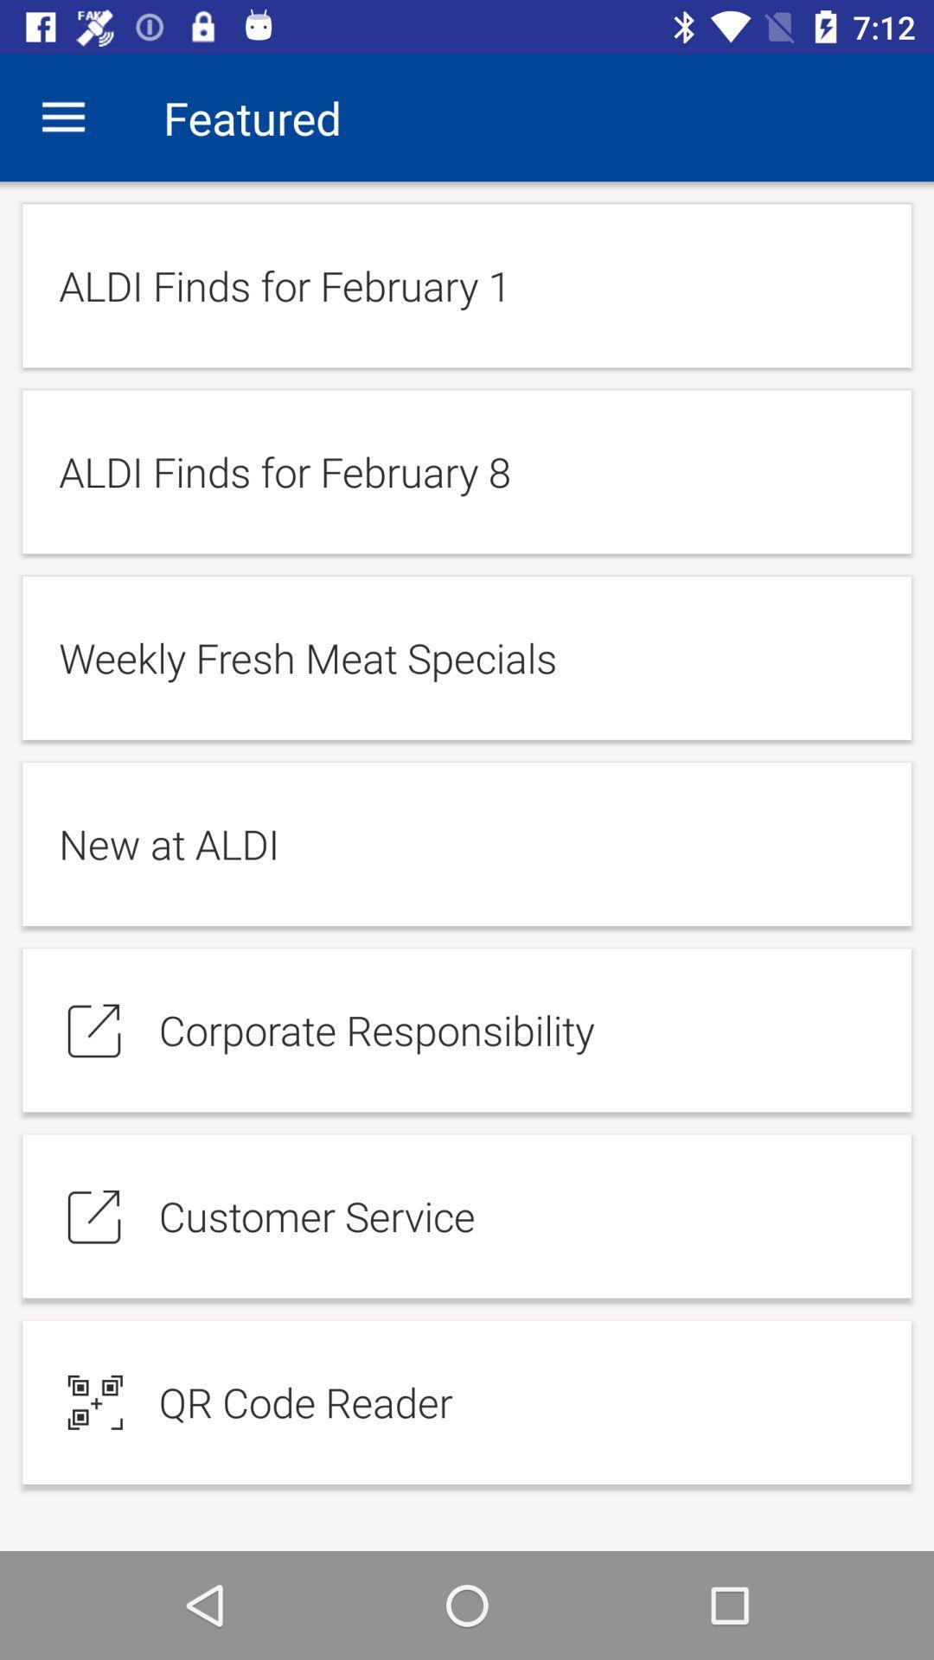 This screenshot has width=934, height=1660. What do you see at coordinates (62, 117) in the screenshot?
I see `the app next to the featured` at bounding box center [62, 117].